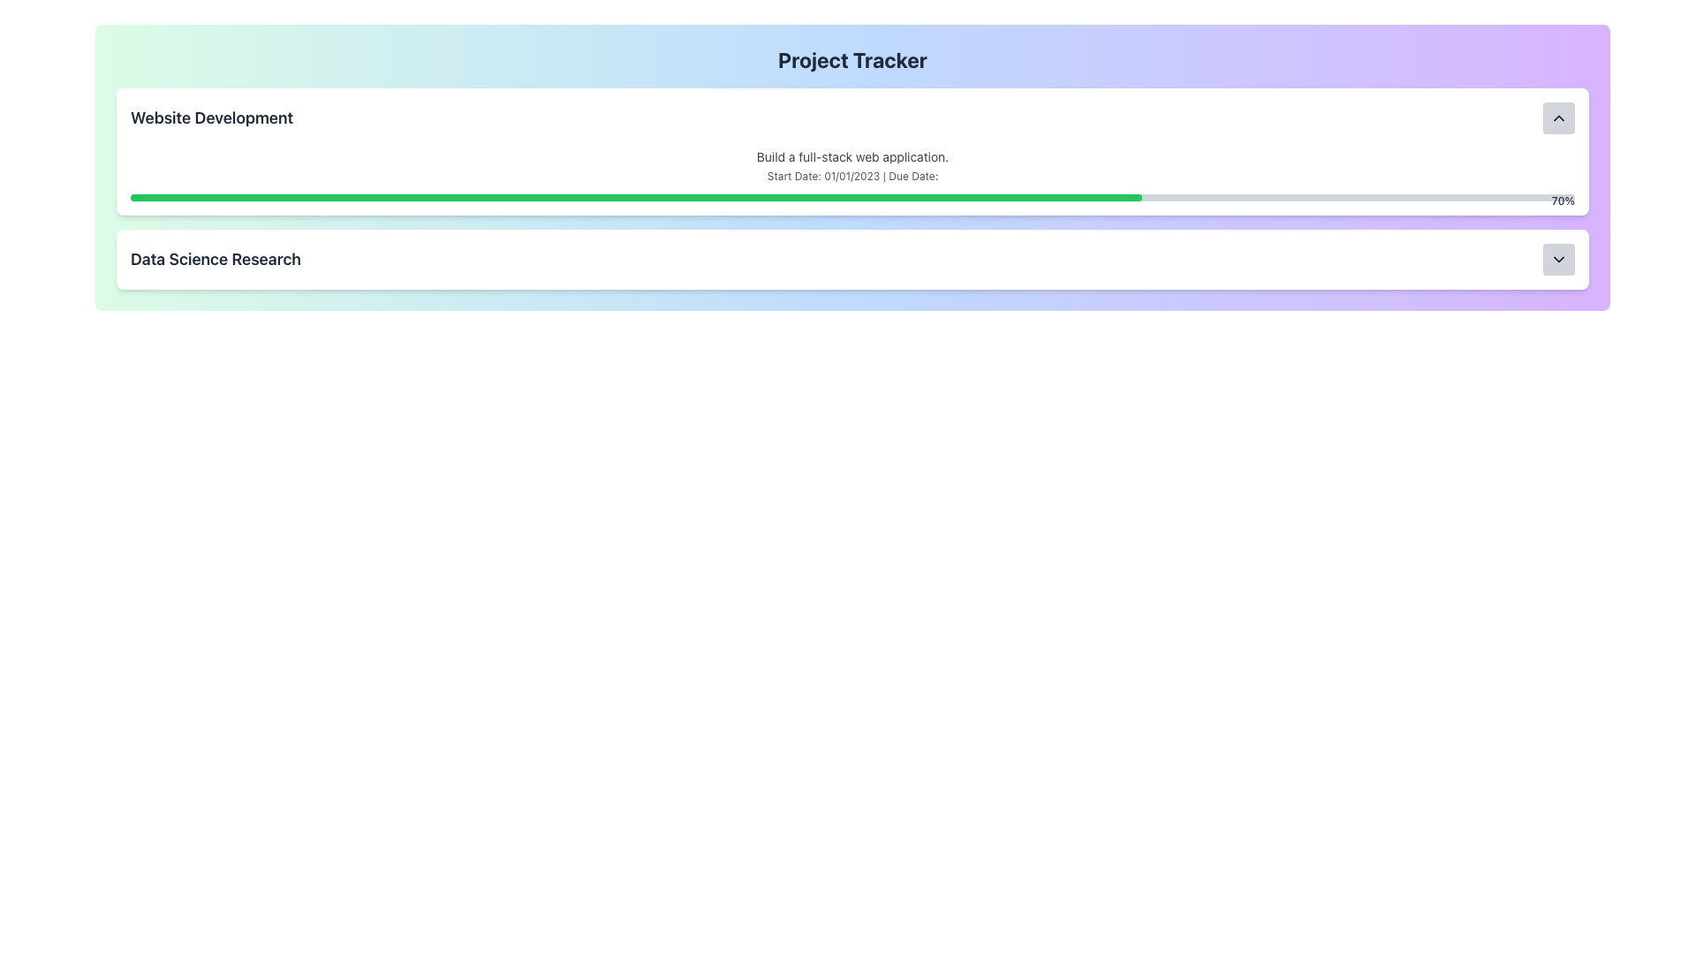 This screenshot has width=1696, height=954. Describe the element at coordinates (636, 197) in the screenshot. I see `the Progress Indicator that visually represents the 70% completion of the 'Website Development' project, located inside the horizontal progress bar under the project details` at that location.